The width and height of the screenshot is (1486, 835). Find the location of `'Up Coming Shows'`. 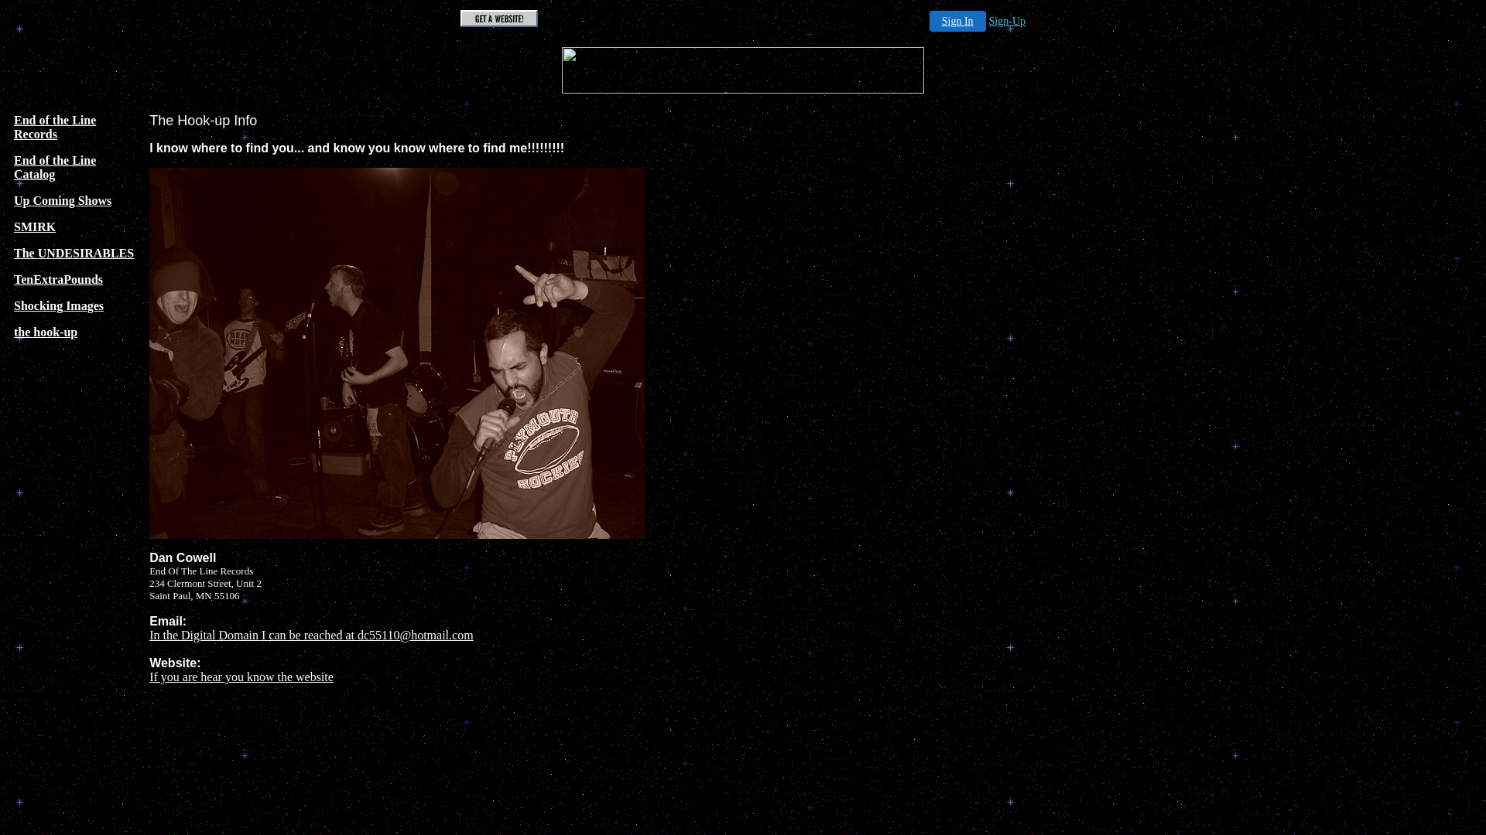

'Up Coming Shows' is located at coordinates (62, 199).